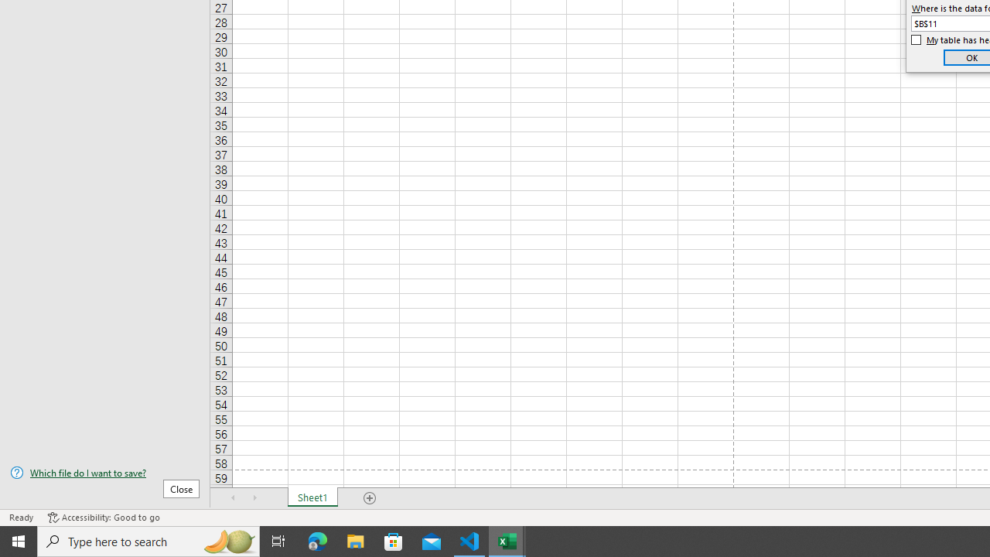 This screenshot has width=990, height=557. What do you see at coordinates (103, 518) in the screenshot?
I see `'Accessibility Checker Accessibility: Good to go'` at bounding box center [103, 518].